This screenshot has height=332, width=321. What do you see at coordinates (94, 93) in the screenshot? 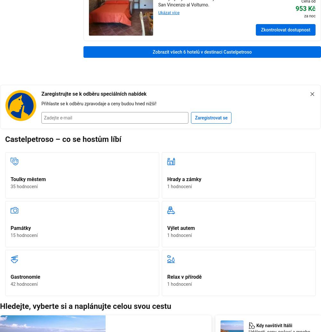
I see `'Zaregistrujte se k odběru speciálních nabídek'` at bounding box center [94, 93].